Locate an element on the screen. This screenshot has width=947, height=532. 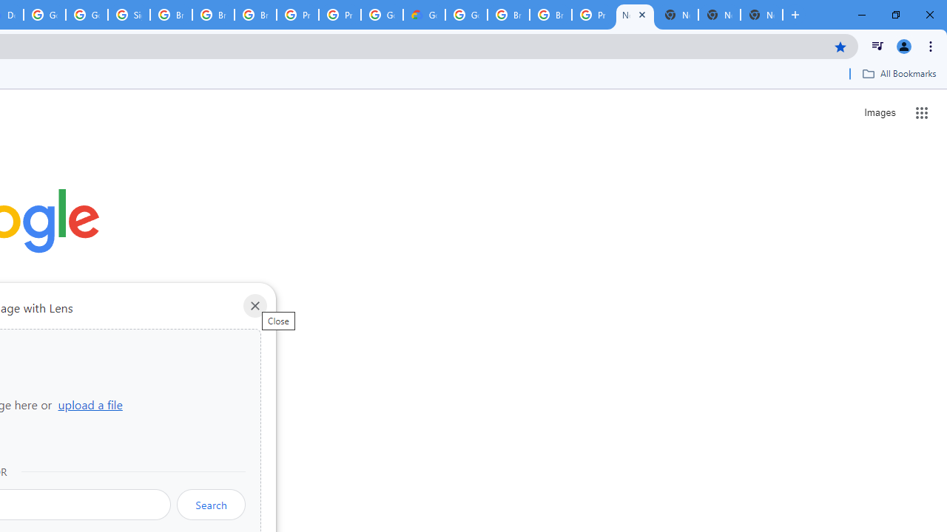
'Control your music, videos, and more' is located at coordinates (877, 45).